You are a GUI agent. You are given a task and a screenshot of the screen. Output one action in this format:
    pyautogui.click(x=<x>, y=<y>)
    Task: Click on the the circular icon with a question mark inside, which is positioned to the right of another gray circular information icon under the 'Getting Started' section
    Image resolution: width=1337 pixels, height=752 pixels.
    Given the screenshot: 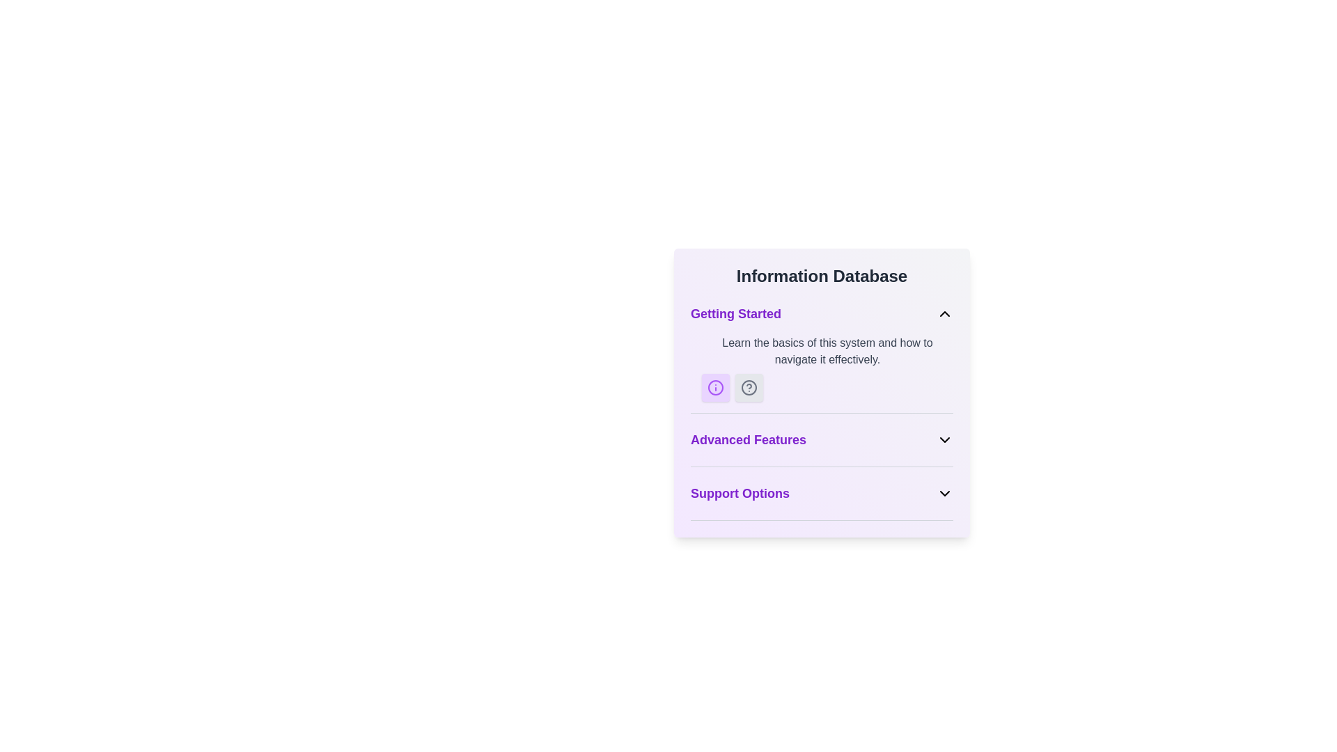 What is the action you would take?
    pyautogui.click(x=748, y=387)
    